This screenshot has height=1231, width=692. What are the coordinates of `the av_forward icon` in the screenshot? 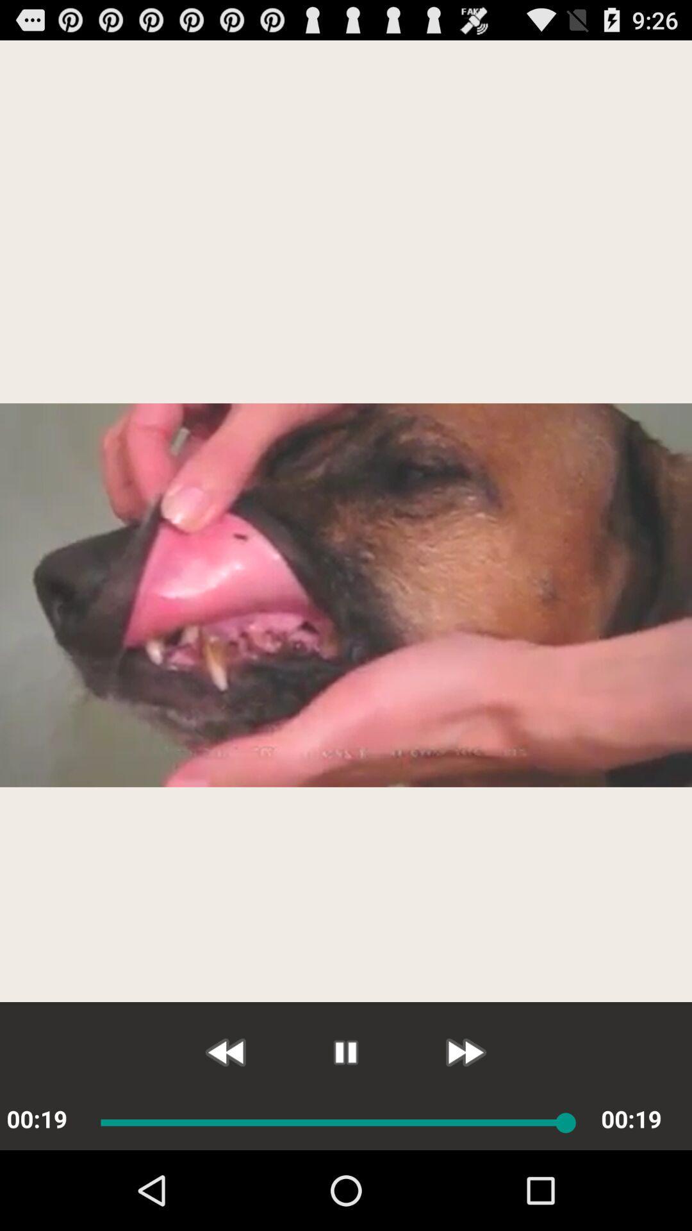 It's located at (465, 1125).